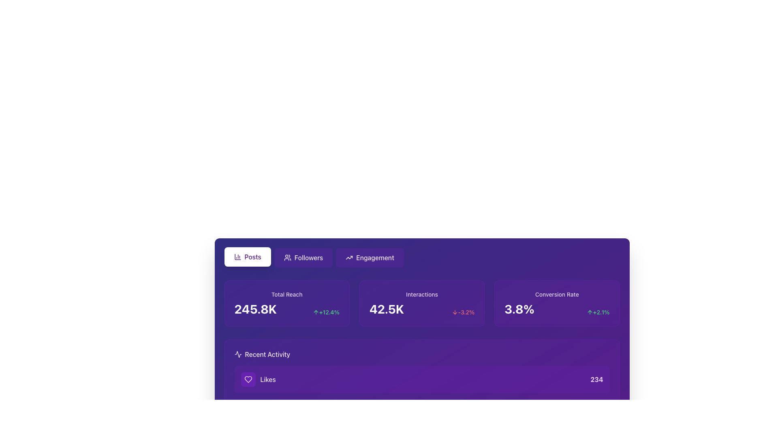 This screenshot has width=778, height=437. I want to click on the upward trend icon in the 'Total Reach' section that visually represents a positive growth, associated with the text '+12.4%', so click(315, 312).